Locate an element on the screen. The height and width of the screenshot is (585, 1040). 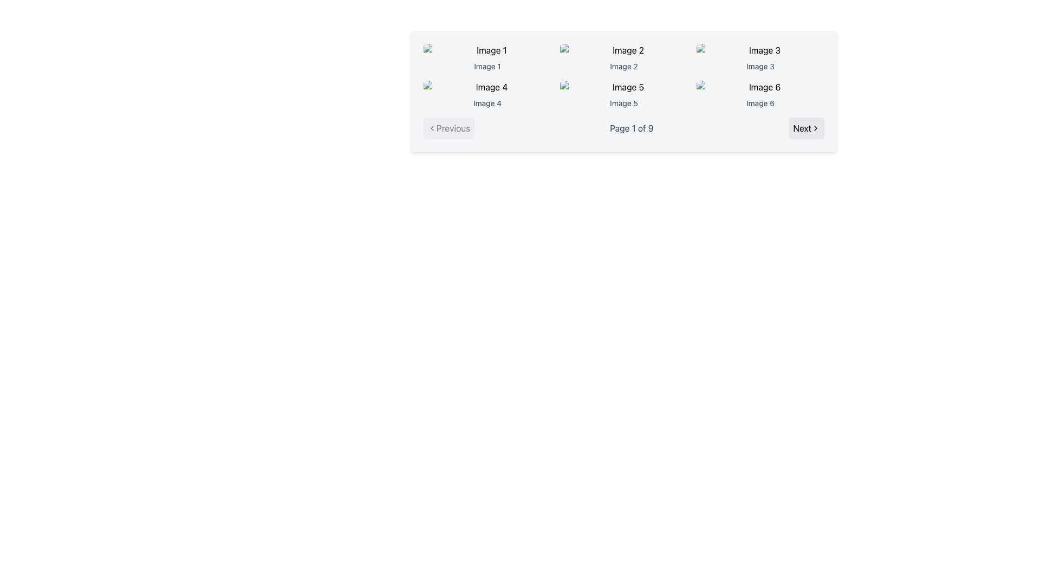
the image placeholder labeled 'Image 2' is located at coordinates (624, 50).